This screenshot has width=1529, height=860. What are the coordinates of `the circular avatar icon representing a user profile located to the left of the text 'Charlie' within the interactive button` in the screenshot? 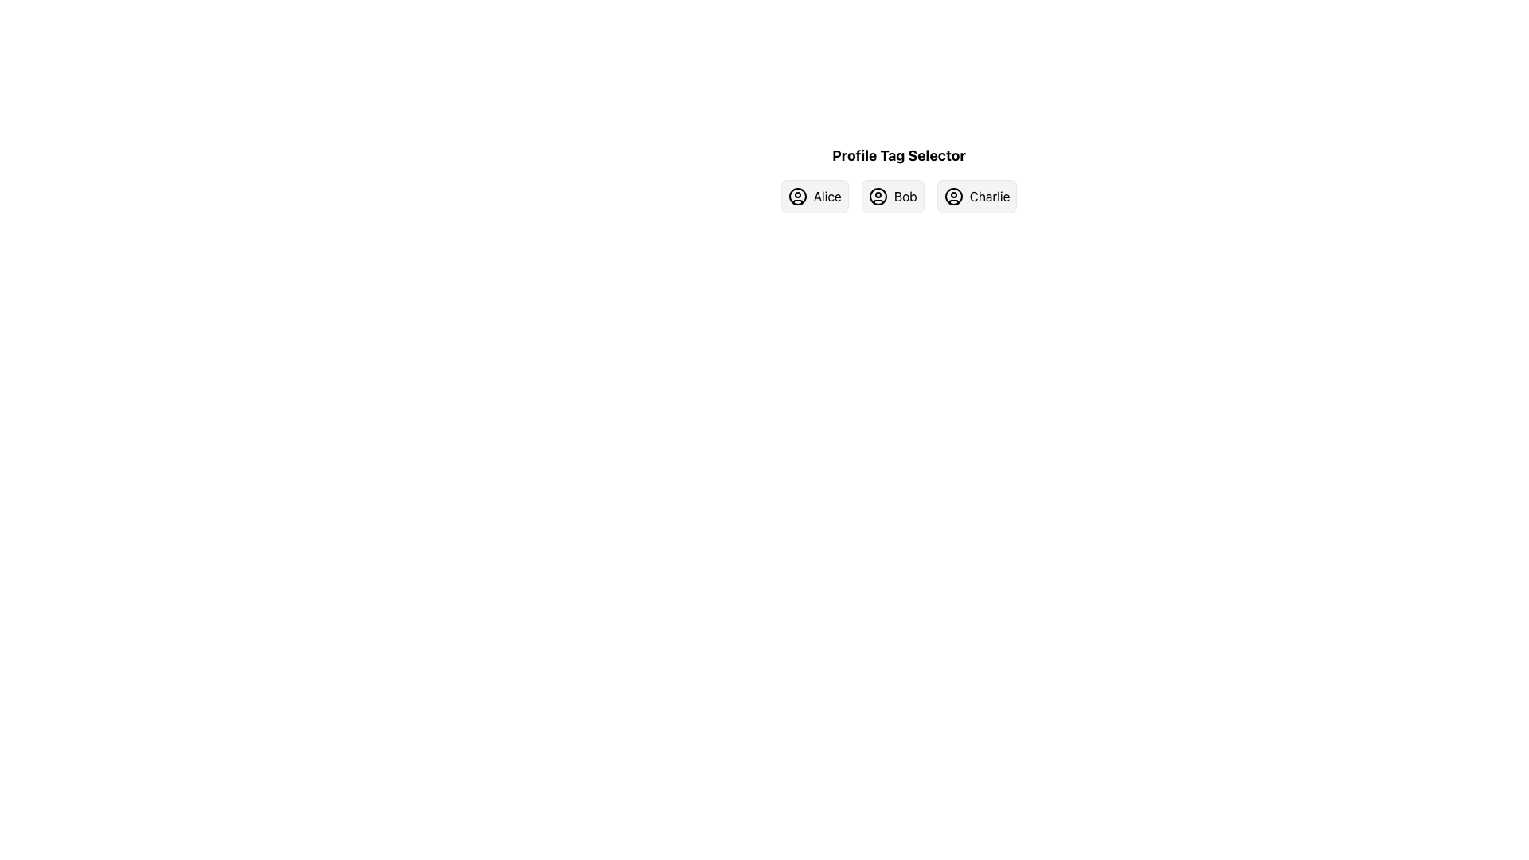 It's located at (953, 195).